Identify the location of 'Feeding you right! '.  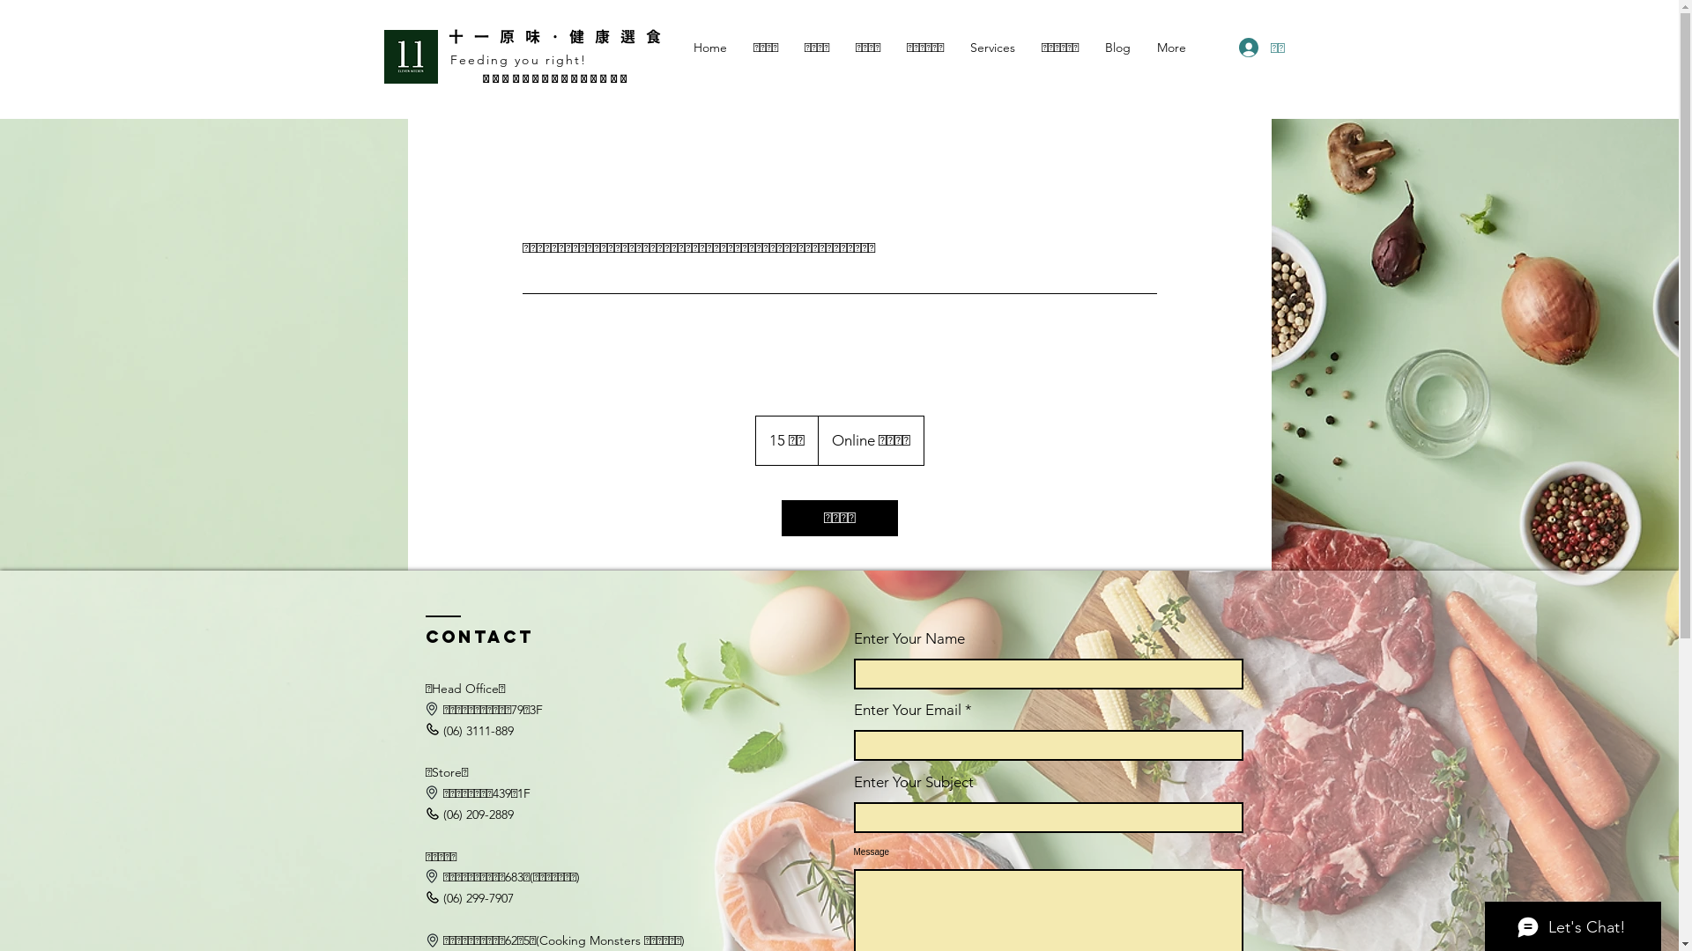
(520, 59).